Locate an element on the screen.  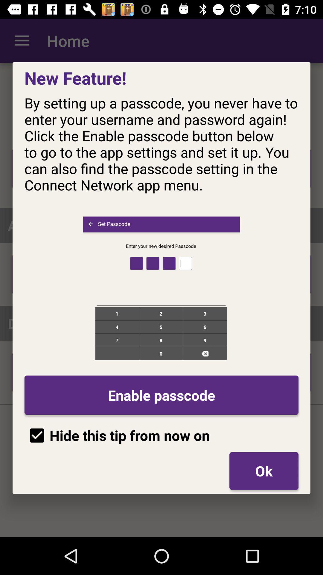
the item at the bottom right corner is located at coordinates (263, 470).